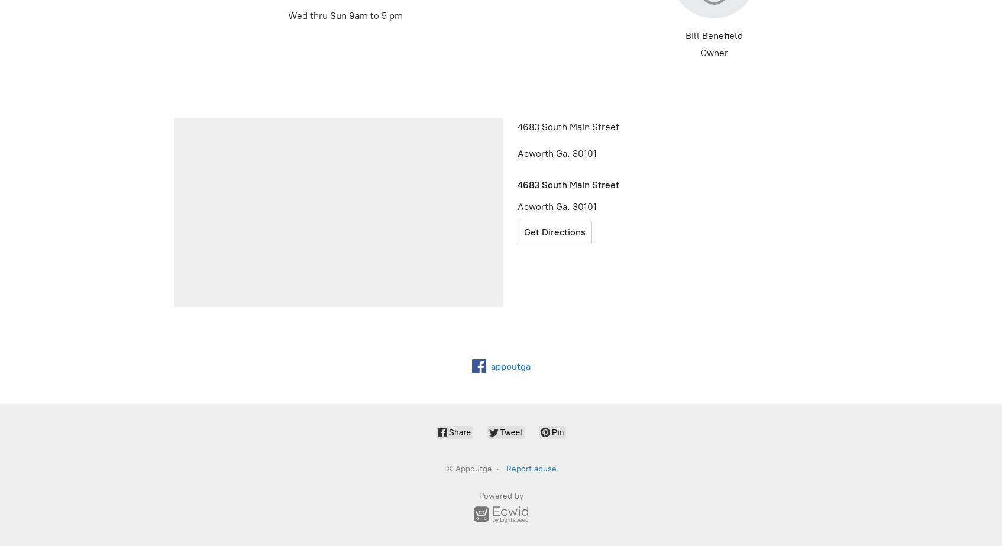 Image resolution: width=1002 pixels, height=546 pixels. Describe the element at coordinates (473, 468) in the screenshot. I see `'Appoutga'` at that location.